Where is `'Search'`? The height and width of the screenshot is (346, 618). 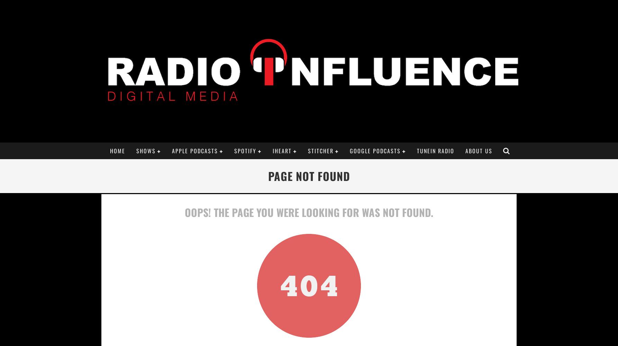
'Search' is located at coordinates (304, 324).